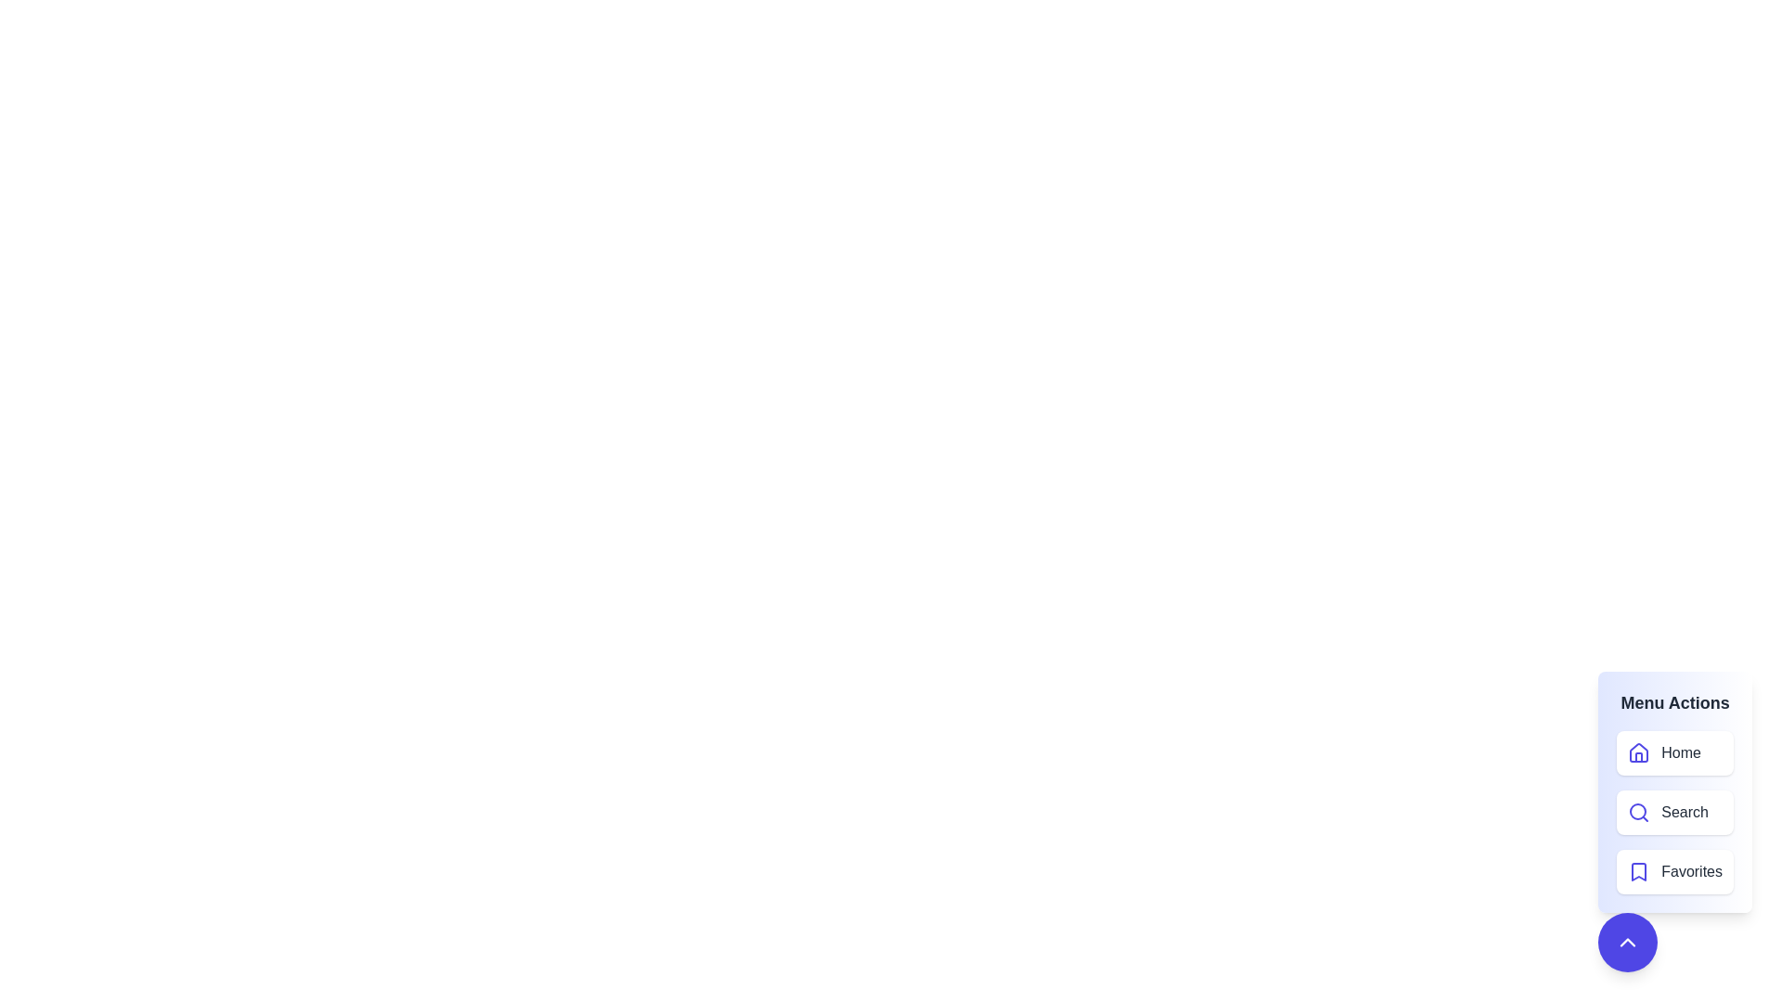  What do you see at coordinates (1675, 811) in the screenshot?
I see `the menu item labeled Search to navigate to the corresponding section` at bounding box center [1675, 811].